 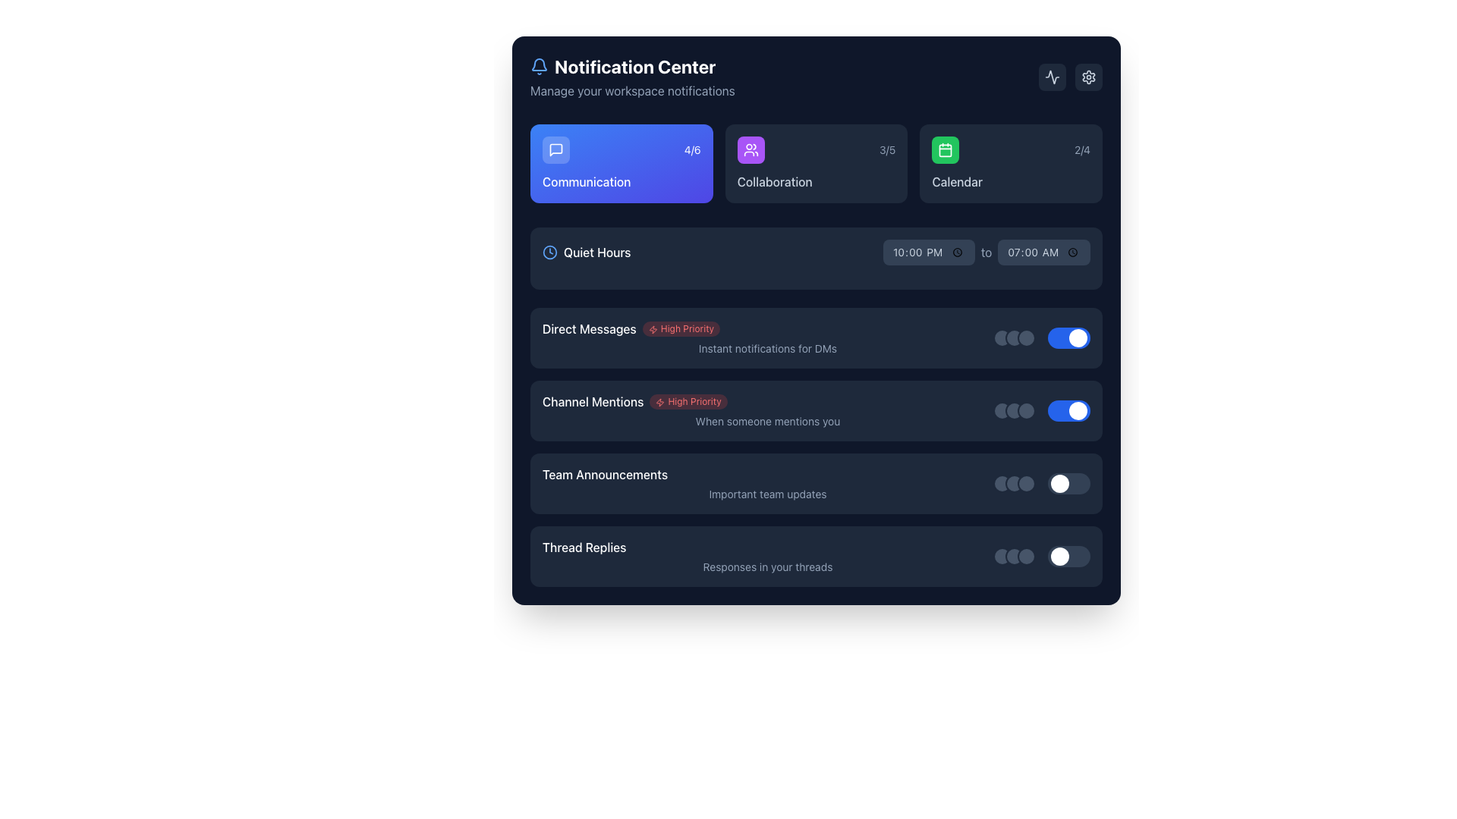 What do you see at coordinates (1052, 77) in the screenshot?
I see `the activity monitoring icon located at the top right corner of the notification panel` at bounding box center [1052, 77].